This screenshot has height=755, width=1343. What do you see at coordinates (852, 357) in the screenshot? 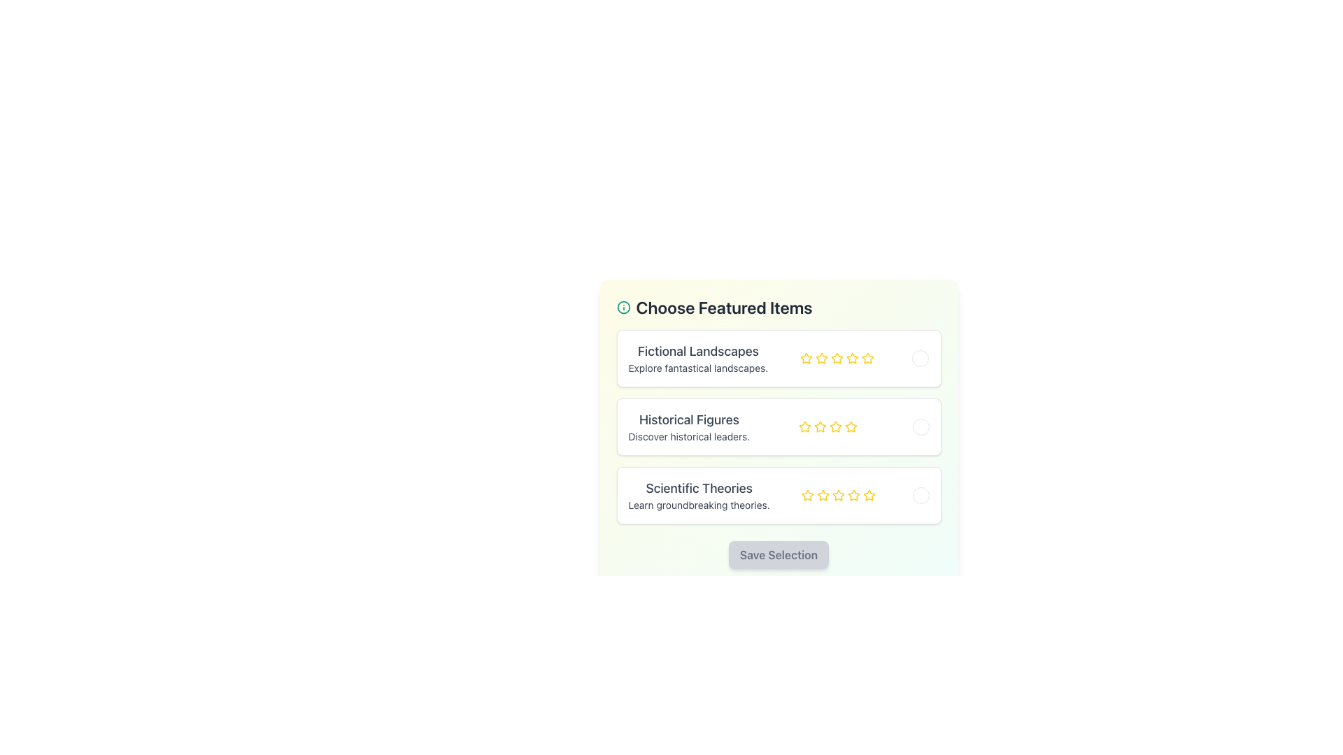
I see `the third star in the five-star rating system to specify a rating for the 'Fictional Landscapes' section` at bounding box center [852, 357].